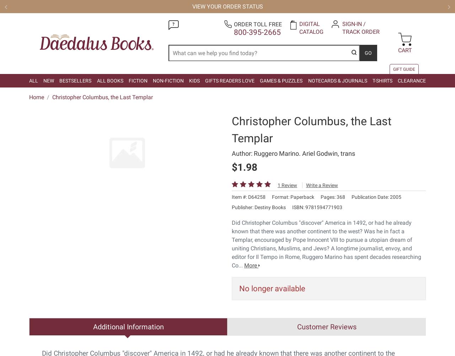 The image size is (455, 356). Describe the element at coordinates (295, 132) in the screenshot. I see `'Request a Catalog'` at that location.